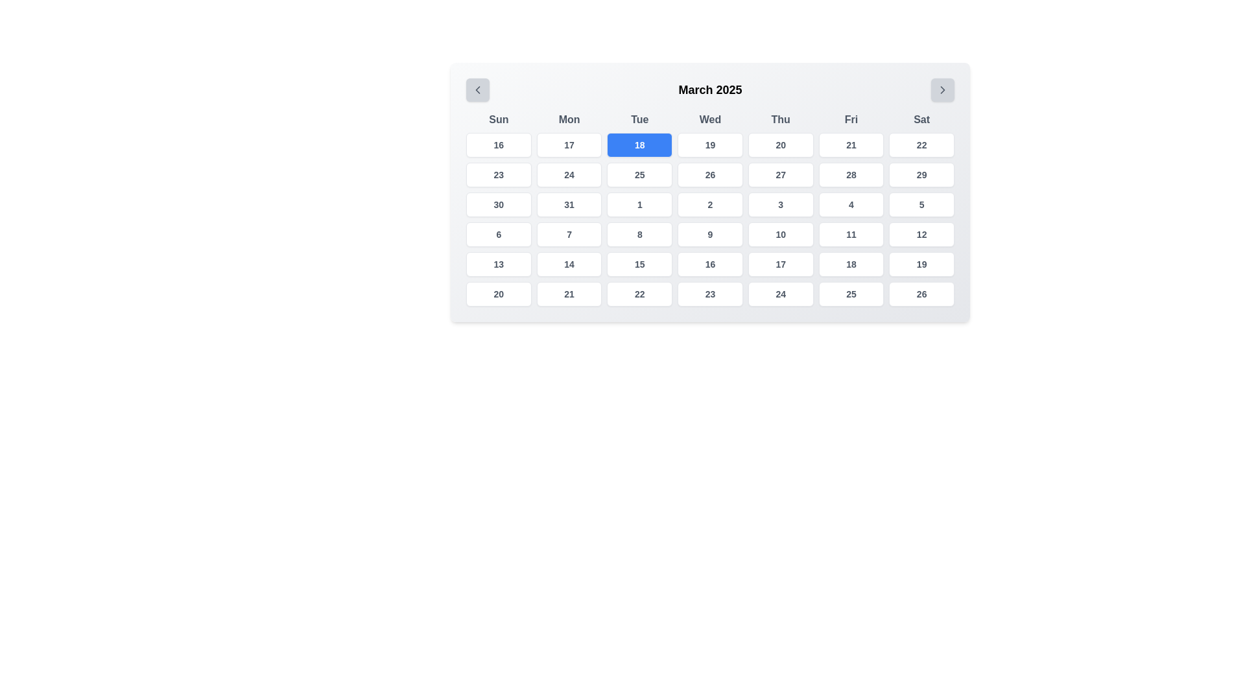  I want to click on the navigation icon embedded in the button located in the top-right corner of the calendar interface, so click(943, 89).